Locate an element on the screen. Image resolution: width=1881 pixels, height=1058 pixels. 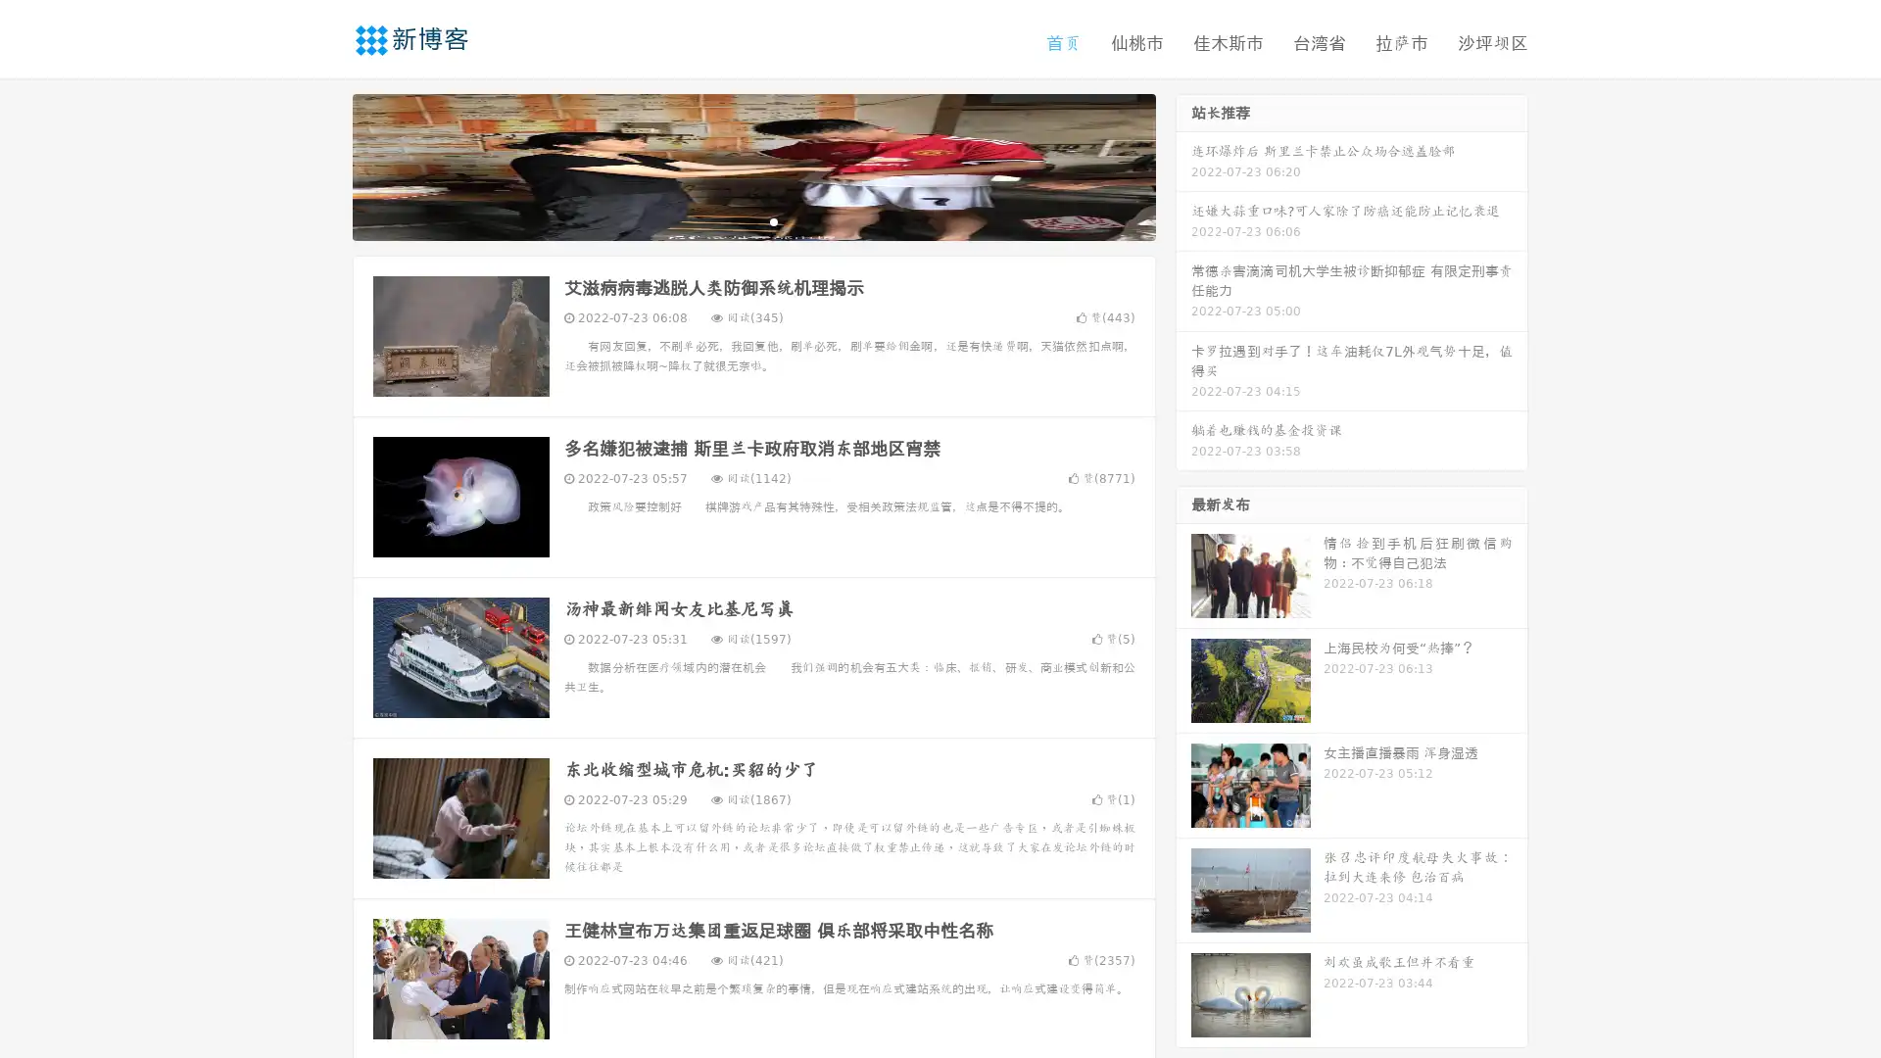
Go to slide 3 is located at coordinates (773, 220).